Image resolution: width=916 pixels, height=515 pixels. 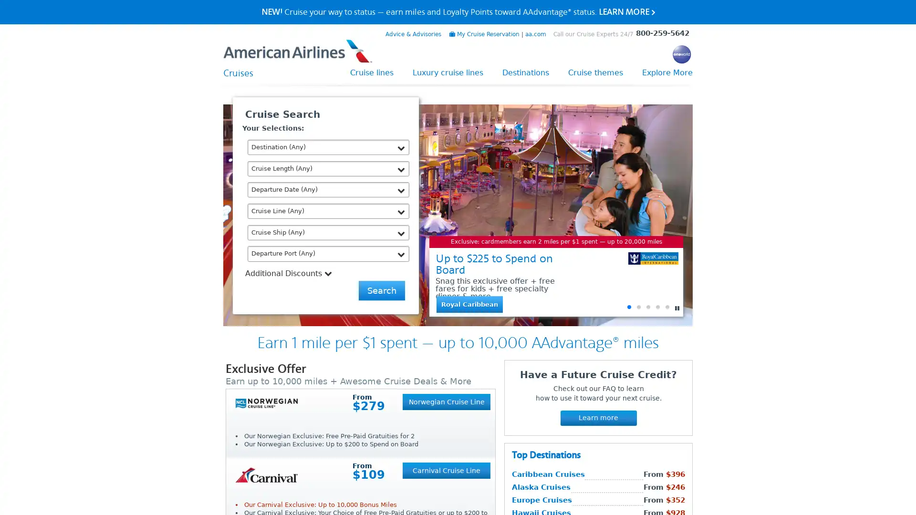 I want to click on Cruise lines, so click(x=371, y=72).